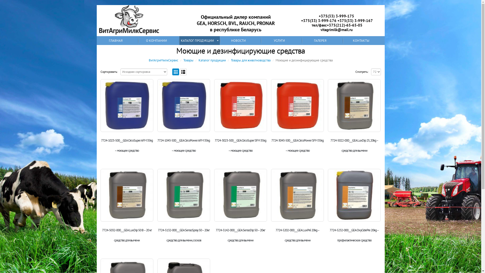 The image size is (485, 273). I want to click on '+375(33) 3-999-176', so click(319, 20).